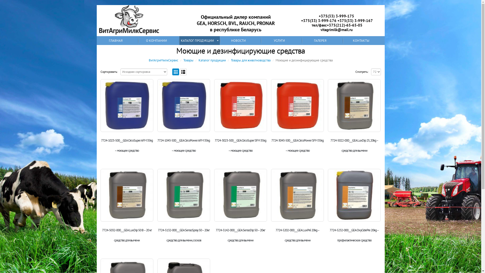 The image size is (485, 273). I want to click on '+375(33) 3-999-176', so click(319, 20).